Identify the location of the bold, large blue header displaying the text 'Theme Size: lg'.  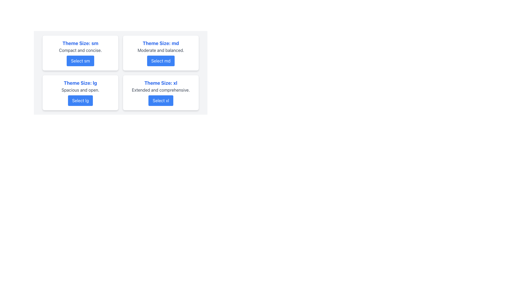
(80, 83).